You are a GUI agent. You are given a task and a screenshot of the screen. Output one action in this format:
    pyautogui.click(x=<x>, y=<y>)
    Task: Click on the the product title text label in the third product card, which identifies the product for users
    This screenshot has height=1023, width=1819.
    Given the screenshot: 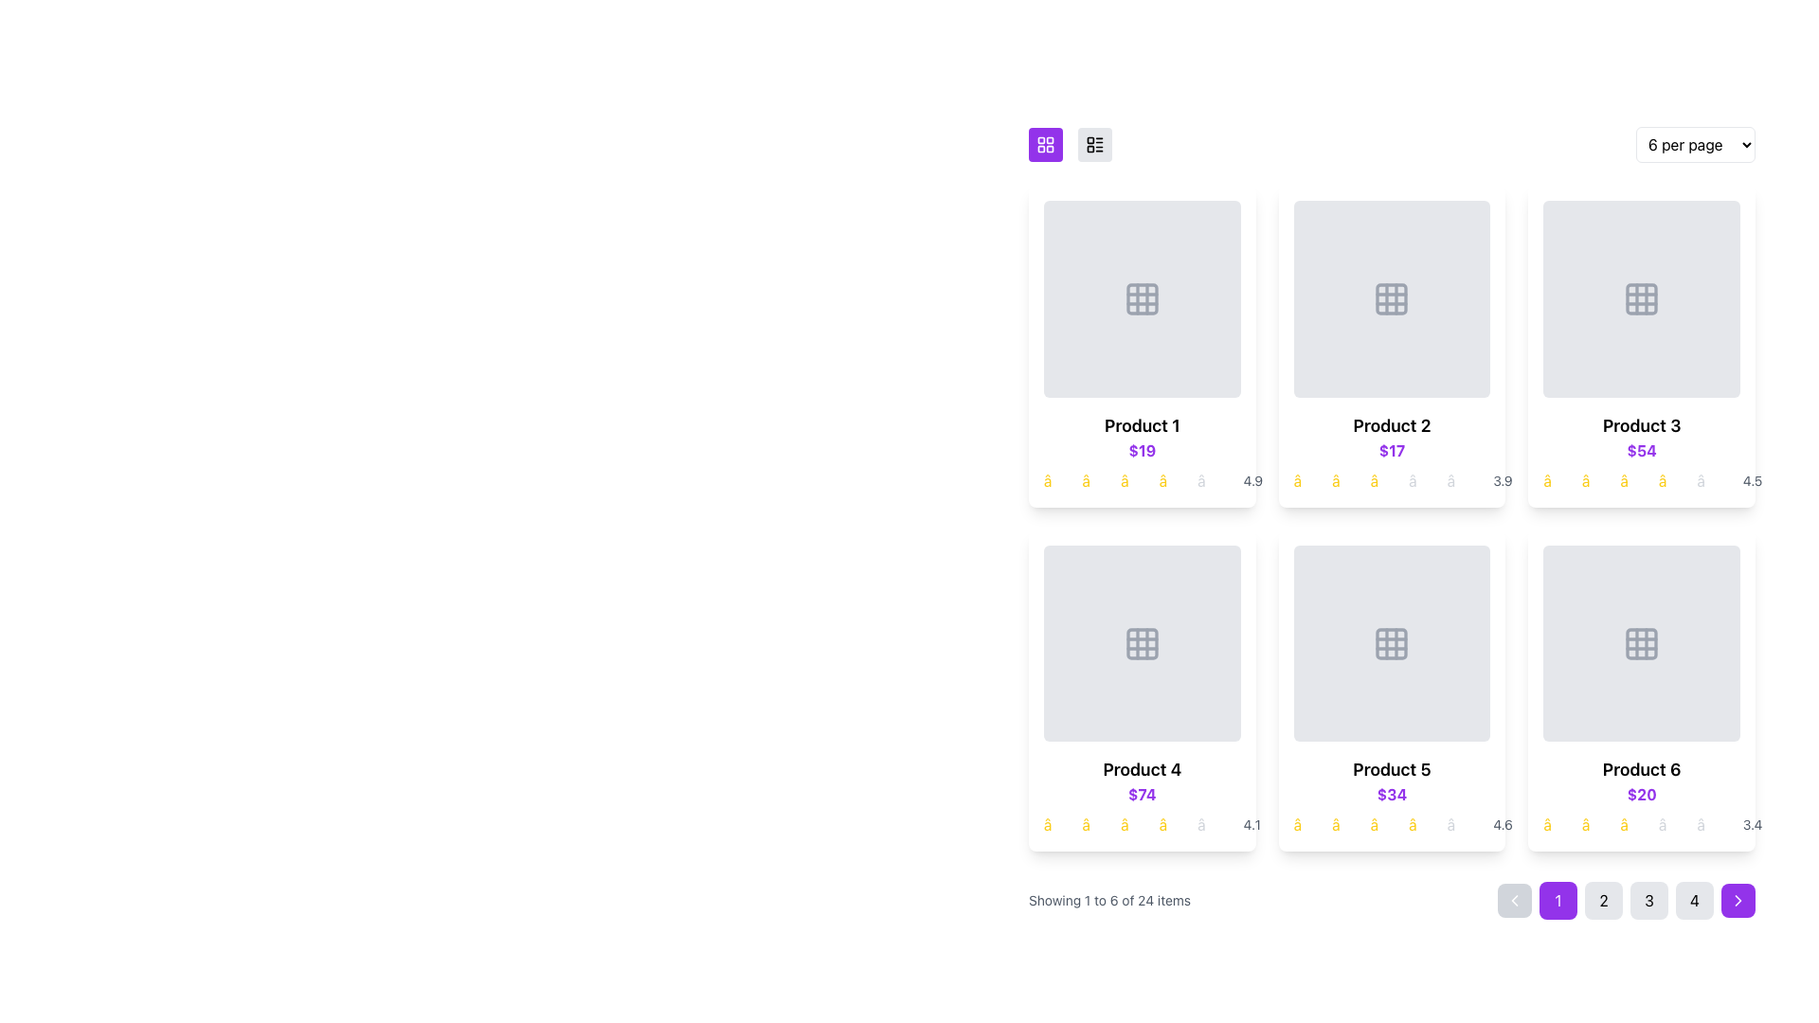 What is the action you would take?
    pyautogui.click(x=1641, y=424)
    